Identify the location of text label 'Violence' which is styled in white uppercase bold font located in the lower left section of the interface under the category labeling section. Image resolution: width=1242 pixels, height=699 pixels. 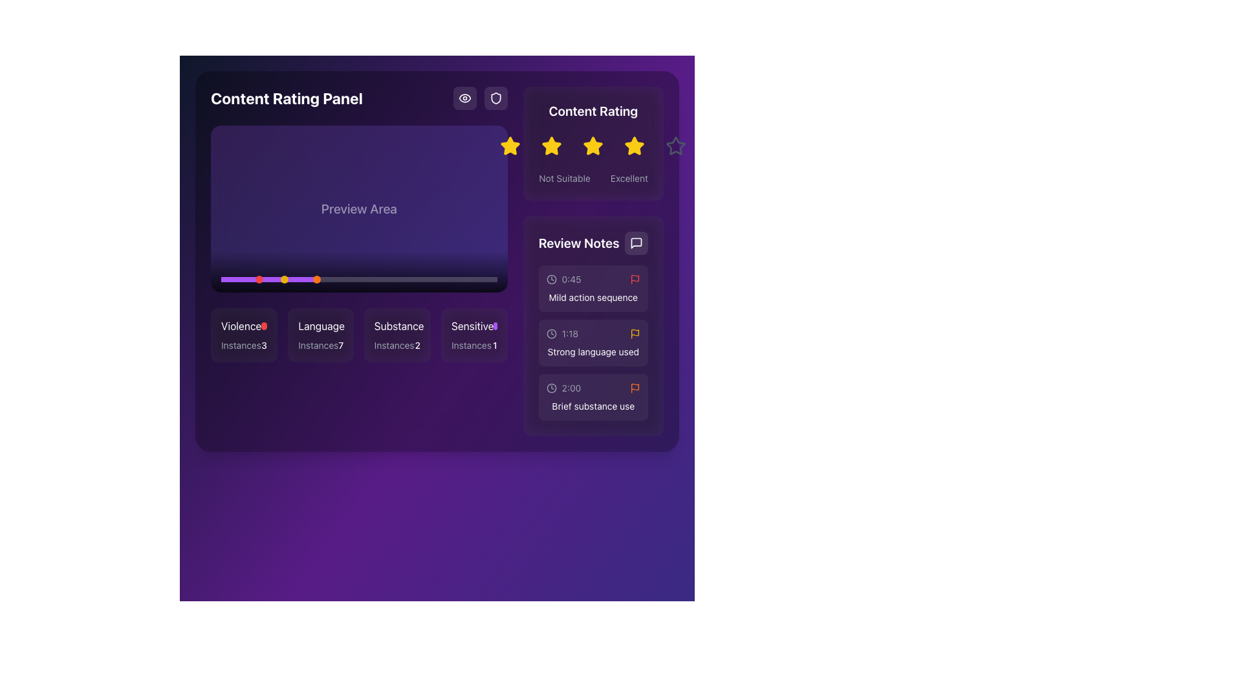
(241, 325).